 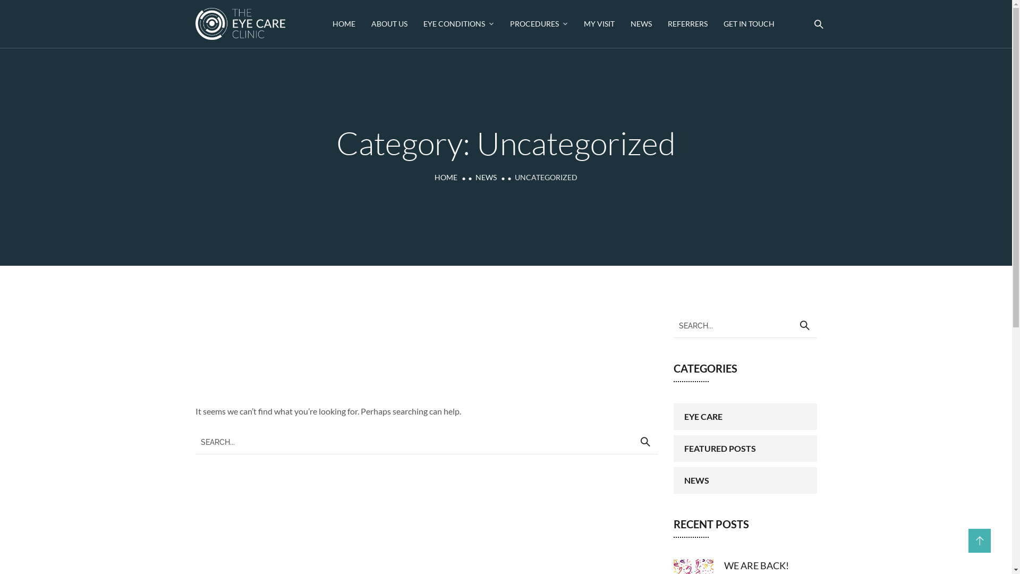 What do you see at coordinates (446, 176) in the screenshot?
I see `'HOME'` at bounding box center [446, 176].